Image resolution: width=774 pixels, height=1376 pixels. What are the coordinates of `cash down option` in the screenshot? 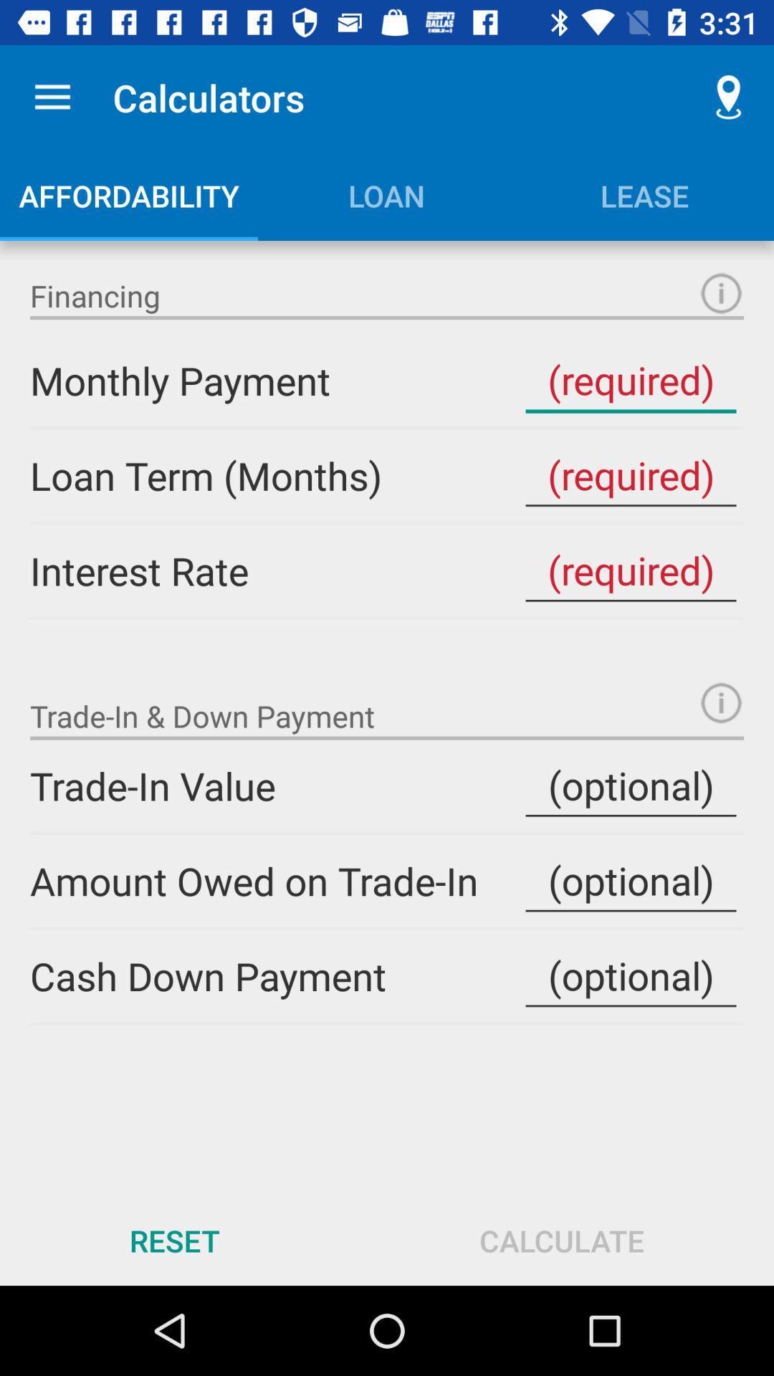 It's located at (630, 975).